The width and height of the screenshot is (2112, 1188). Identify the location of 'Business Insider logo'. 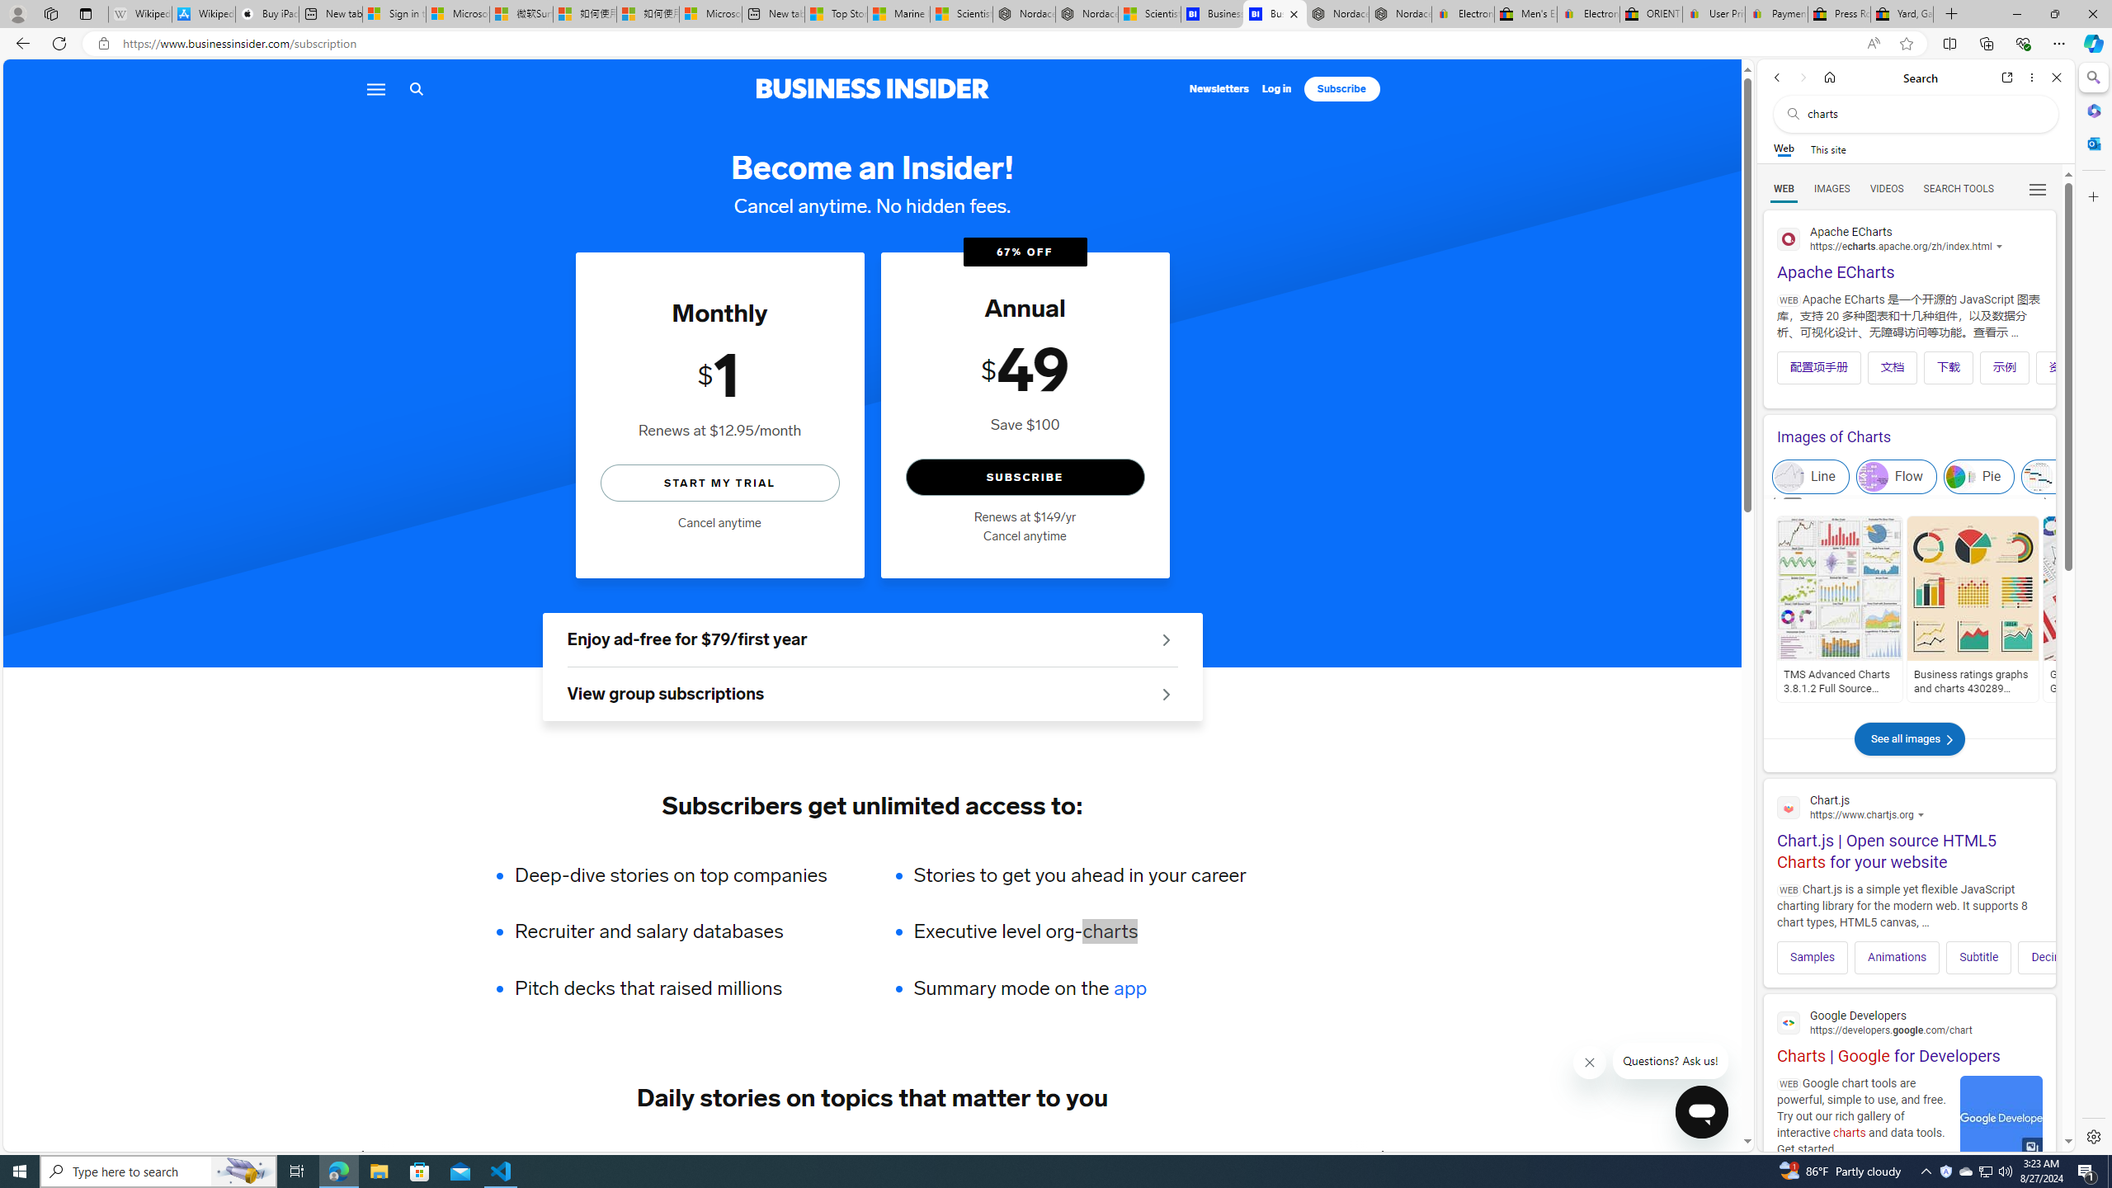
(871, 88).